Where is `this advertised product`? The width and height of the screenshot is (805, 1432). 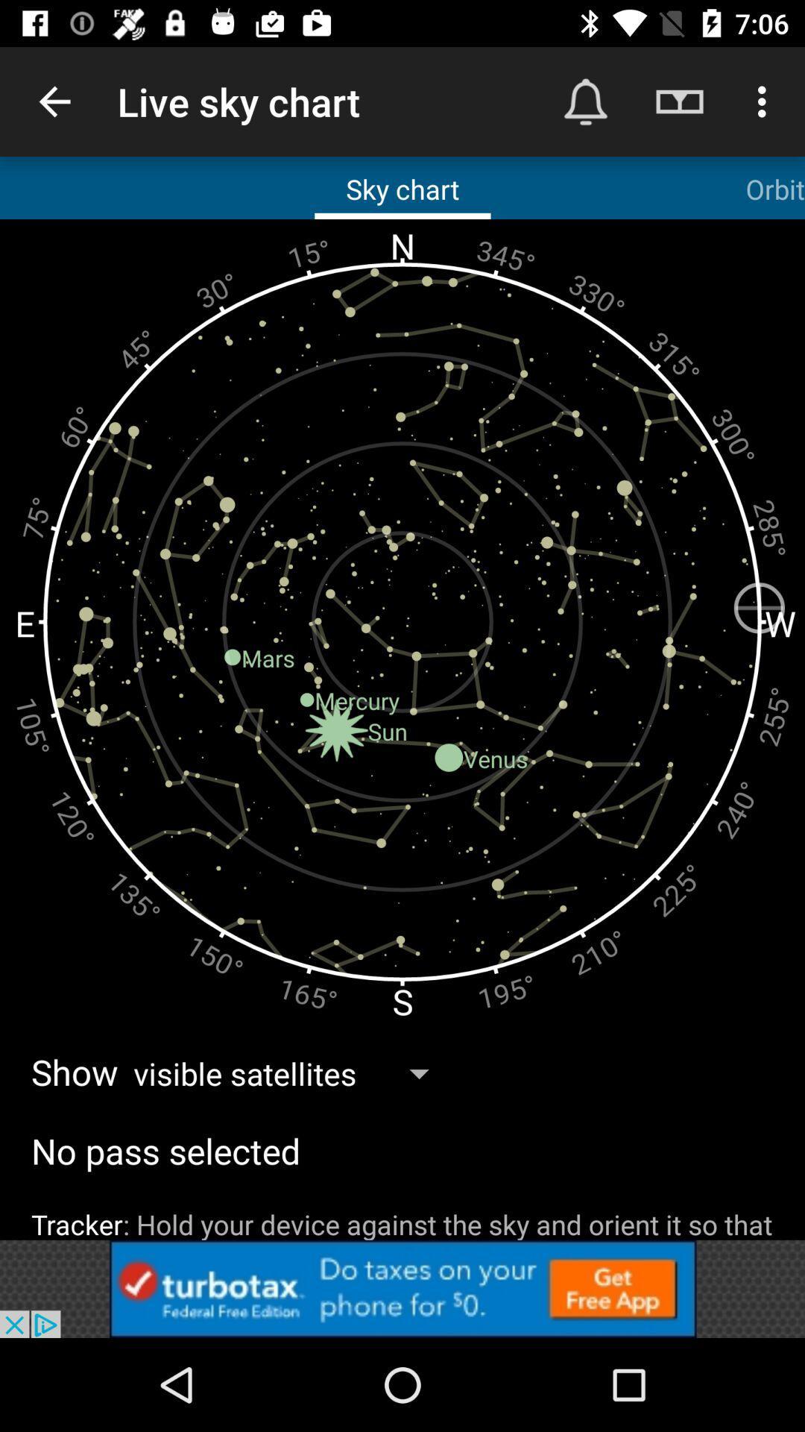
this advertised product is located at coordinates (402, 1288).